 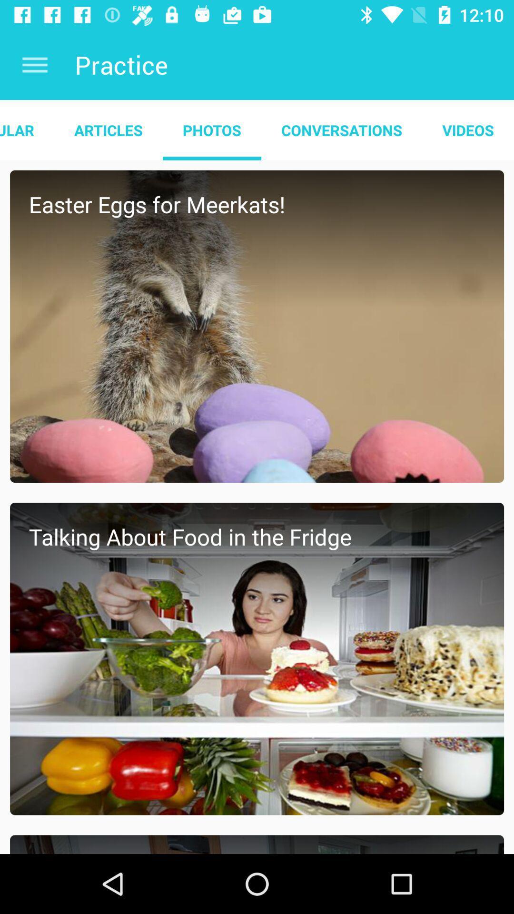 What do you see at coordinates (211, 129) in the screenshot?
I see `app next to the articles` at bounding box center [211, 129].